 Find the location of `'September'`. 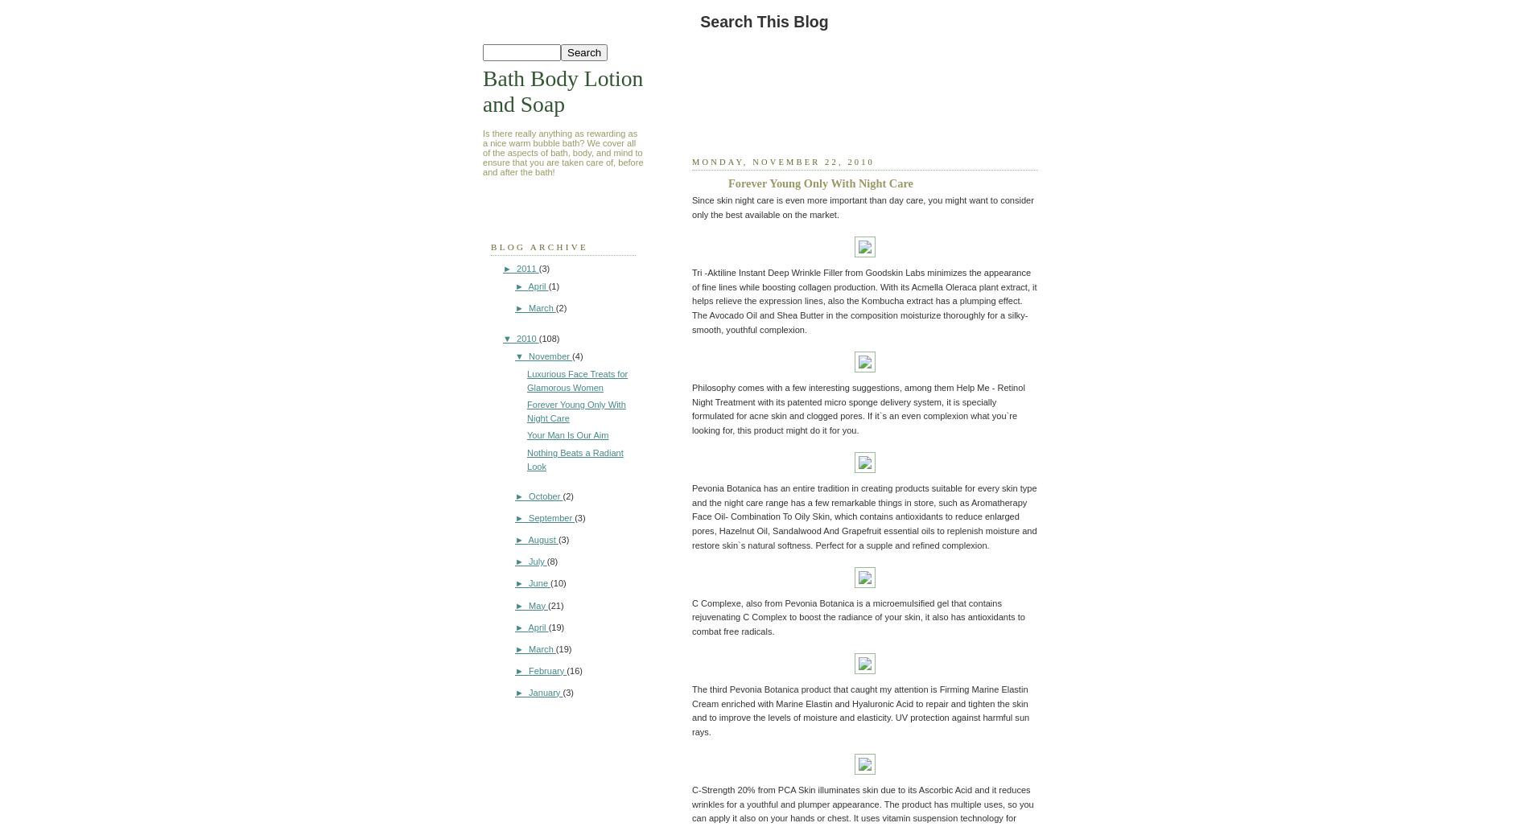

'September' is located at coordinates (551, 518).